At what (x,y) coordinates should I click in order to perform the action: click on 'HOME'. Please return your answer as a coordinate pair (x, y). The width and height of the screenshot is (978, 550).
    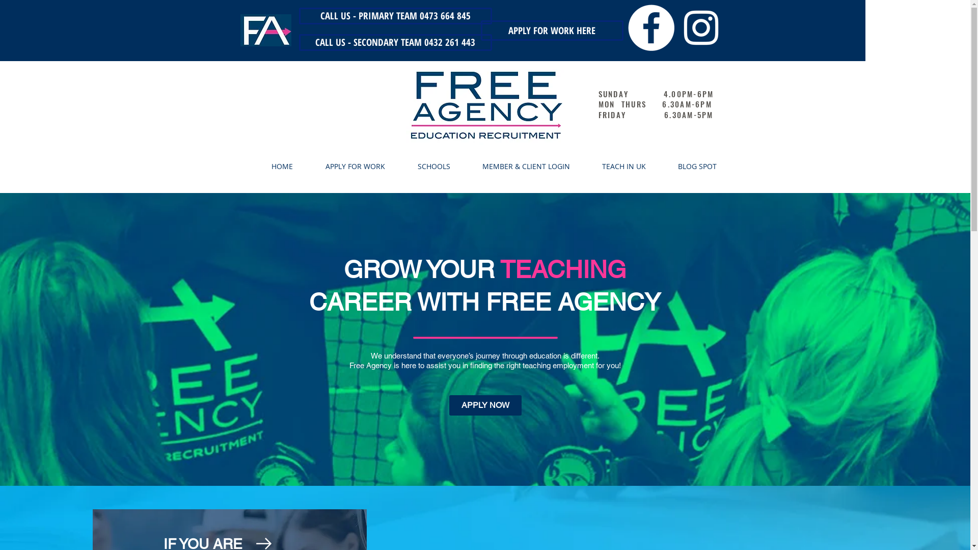
    Looking at the image, I should click on (274, 166).